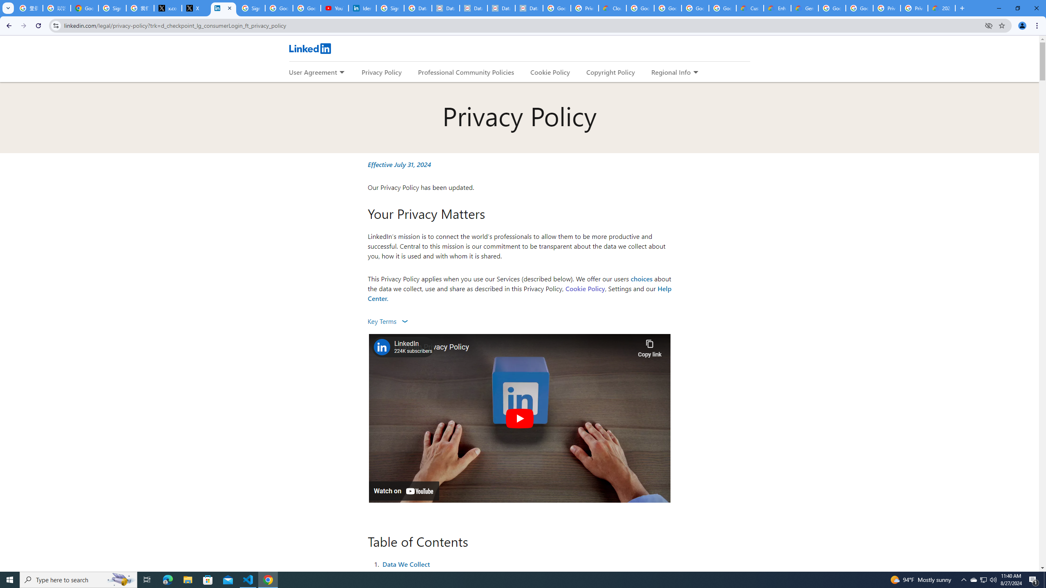  What do you see at coordinates (195, 8) in the screenshot?
I see `'X'` at bounding box center [195, 8].